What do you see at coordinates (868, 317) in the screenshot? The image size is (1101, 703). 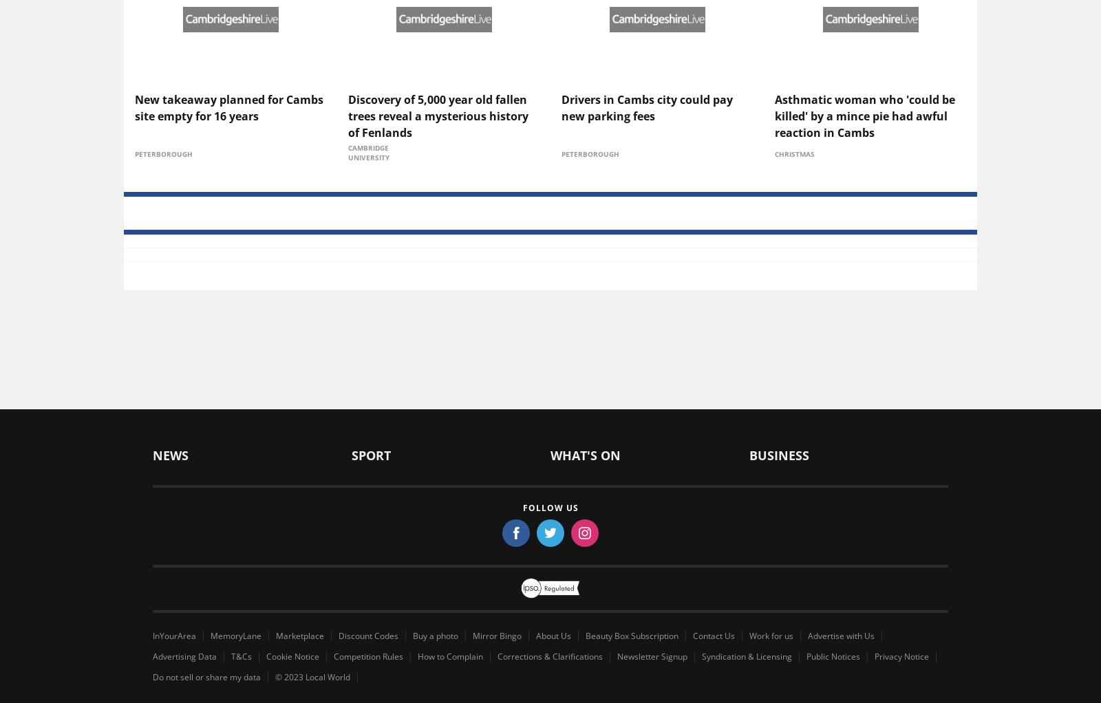 I see `'The quick Cambs walk that can end with a beer in a pub or a book in a library'` at bounding box center [868, 317].